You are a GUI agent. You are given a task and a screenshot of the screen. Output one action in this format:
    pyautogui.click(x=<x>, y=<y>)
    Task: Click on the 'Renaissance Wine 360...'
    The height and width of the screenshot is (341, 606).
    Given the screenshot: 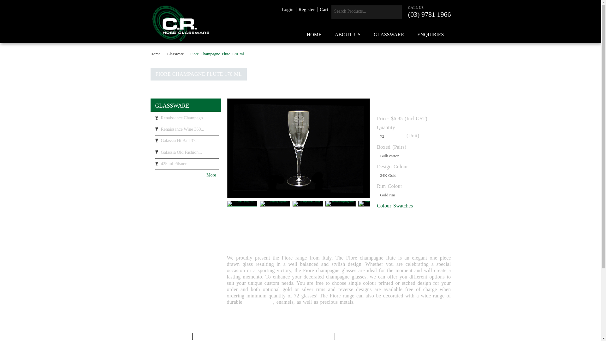 What is the action you would take?
    pyautogui.click(x=187, y=131)
    